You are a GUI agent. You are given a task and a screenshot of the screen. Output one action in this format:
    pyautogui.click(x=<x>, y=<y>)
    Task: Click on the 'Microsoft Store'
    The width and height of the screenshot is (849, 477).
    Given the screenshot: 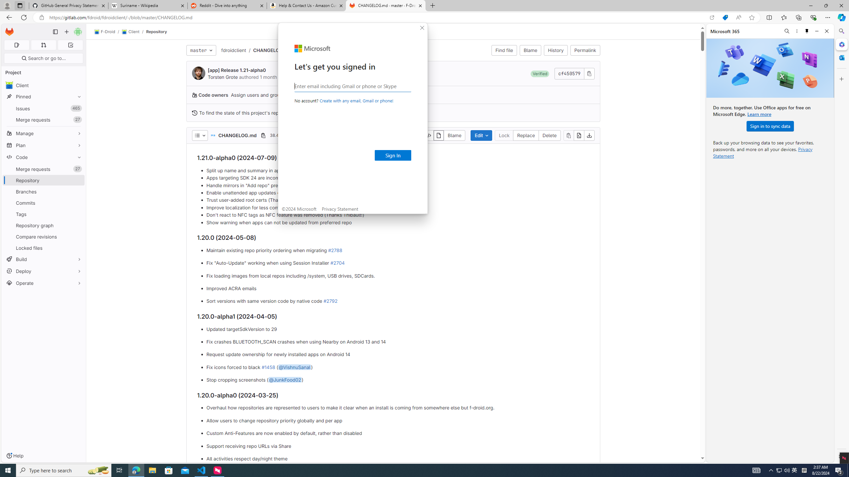 What is the action you would take?
    pyautogui.click(x=169, y=470)
    